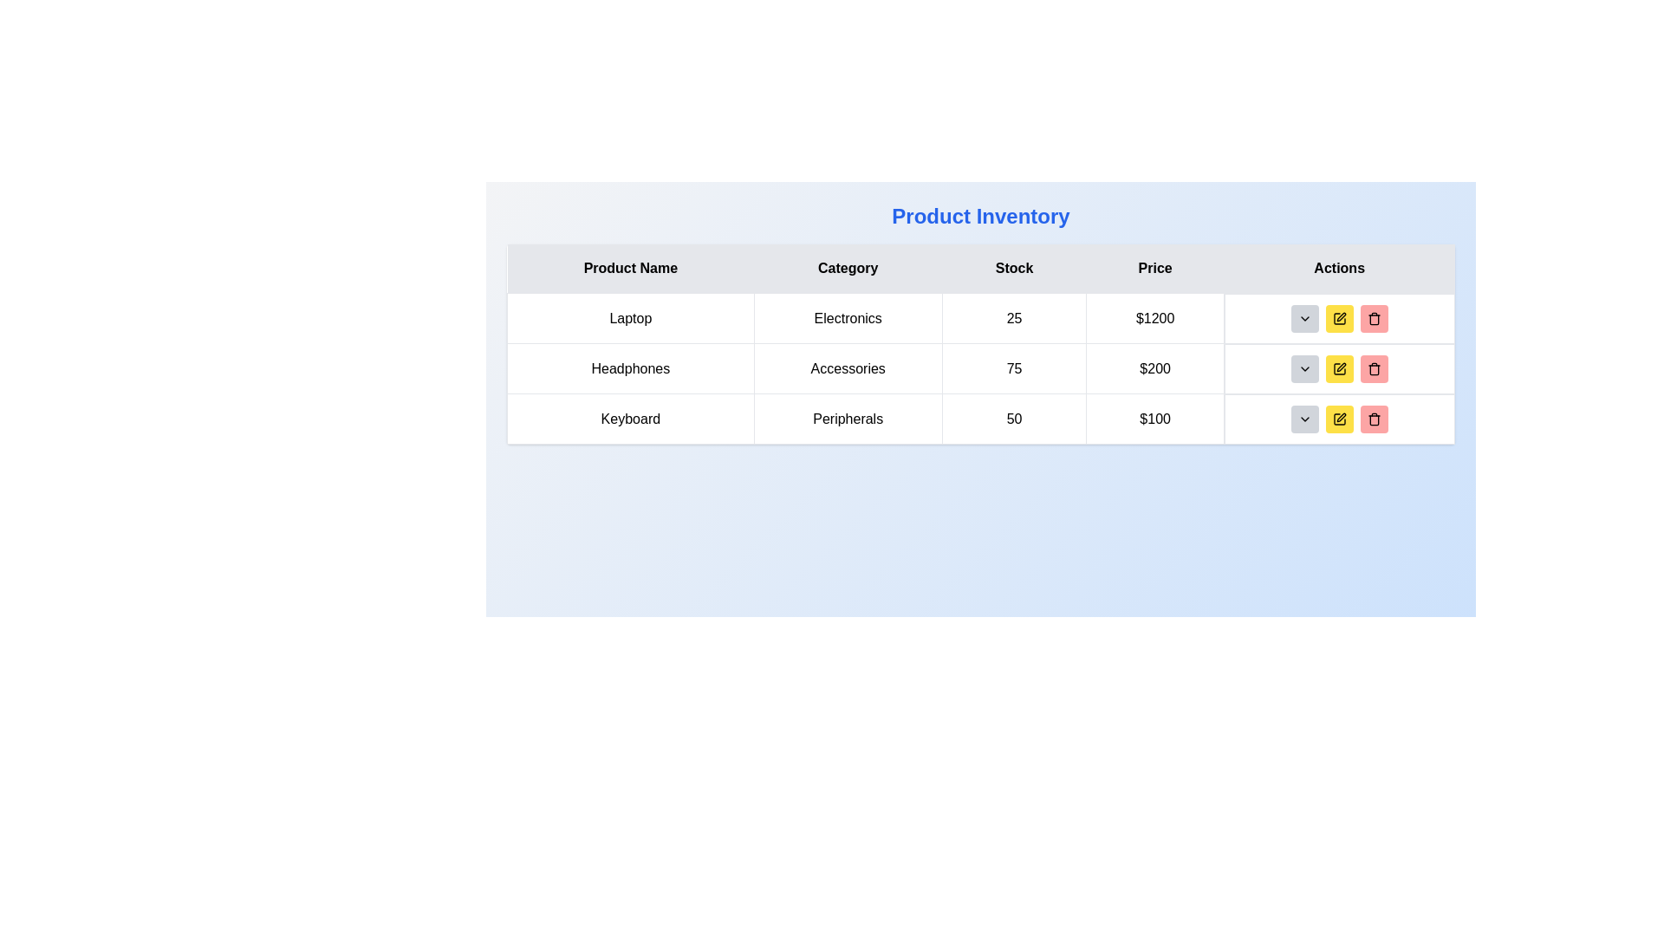 The image size is (1664, 936). What do you see at coordinates (1014, 318) in the screenshot?
I see `the static text field displaying '25', which is located in the 'Stock' column of the table within the 'Laptop' row` at bounding box center [1014, 318].